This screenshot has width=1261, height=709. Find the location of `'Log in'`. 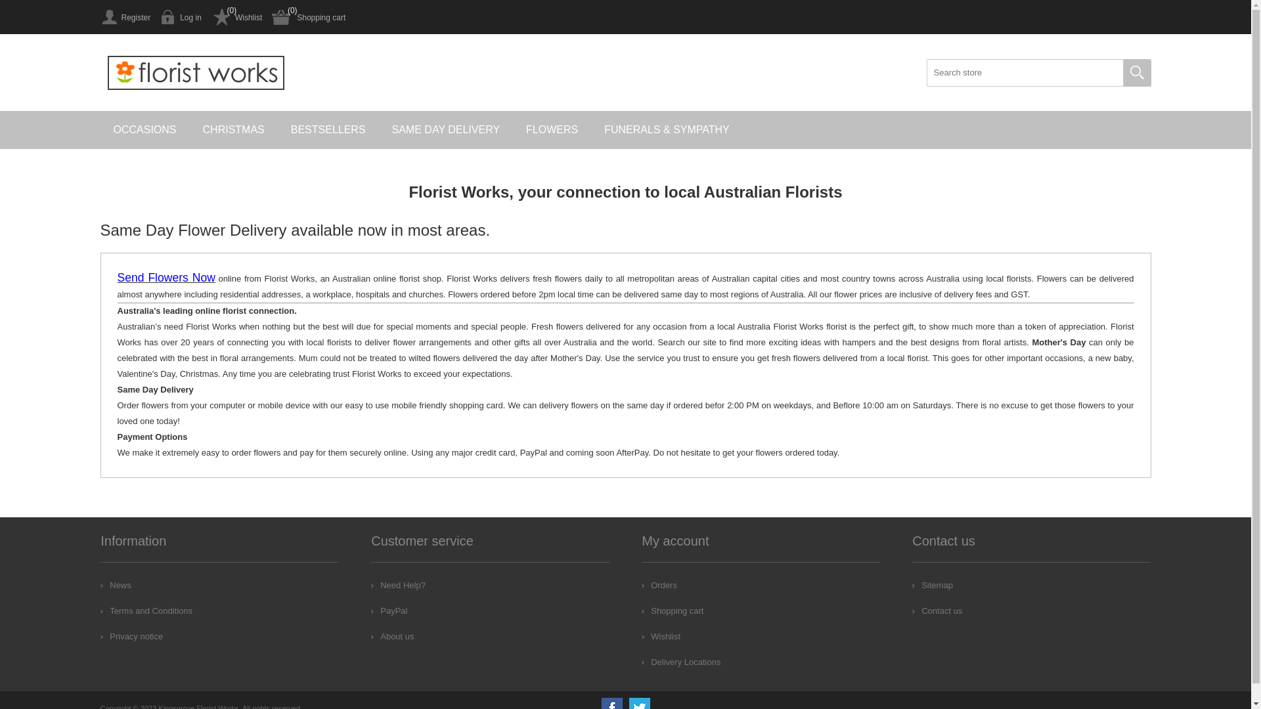

'Log in' is located at coordinates (180, 17).